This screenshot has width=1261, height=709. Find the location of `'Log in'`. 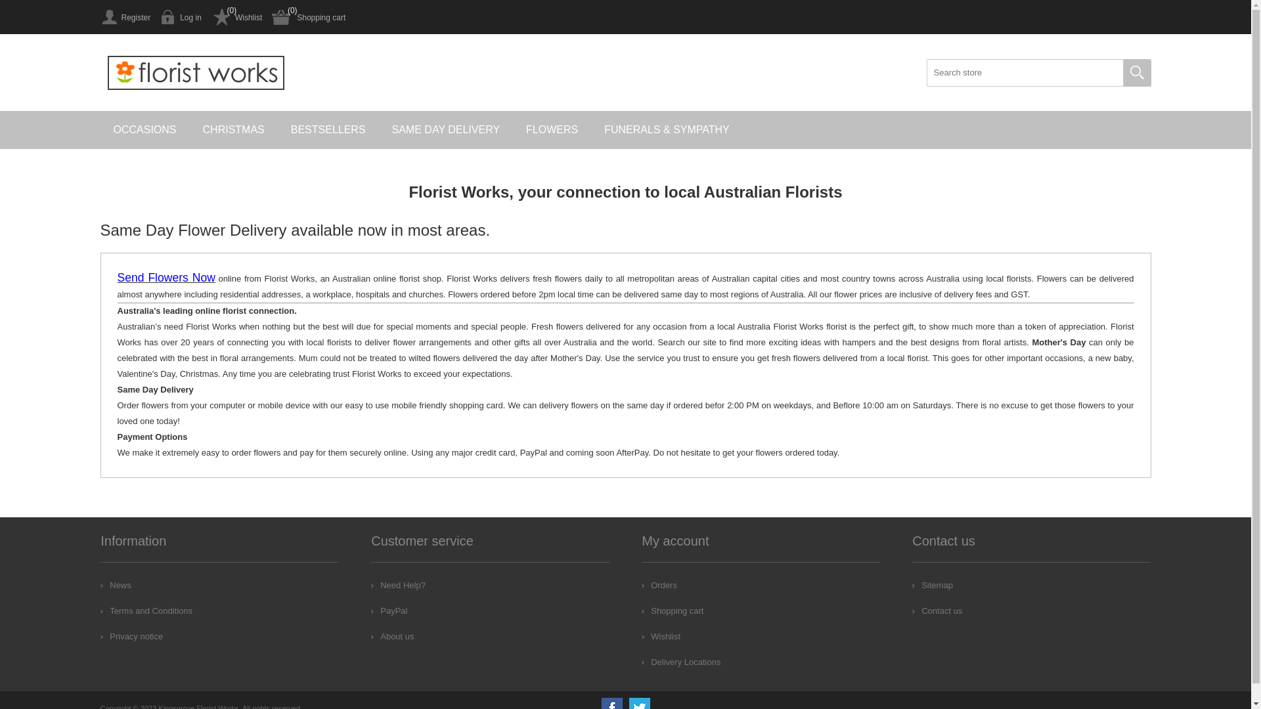

'Log in' is located at coordinates (180, 17).